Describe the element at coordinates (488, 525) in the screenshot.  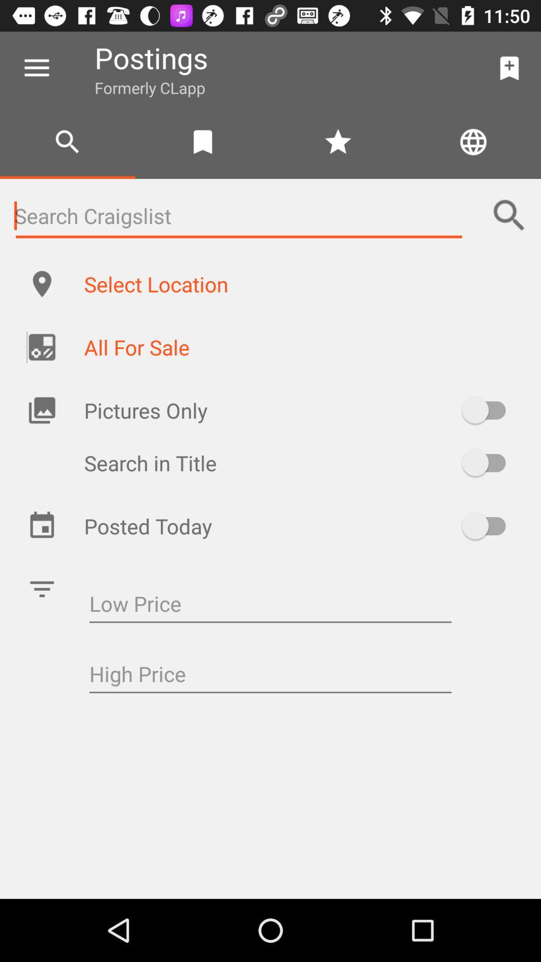
I see `see only postings from today` at that location.